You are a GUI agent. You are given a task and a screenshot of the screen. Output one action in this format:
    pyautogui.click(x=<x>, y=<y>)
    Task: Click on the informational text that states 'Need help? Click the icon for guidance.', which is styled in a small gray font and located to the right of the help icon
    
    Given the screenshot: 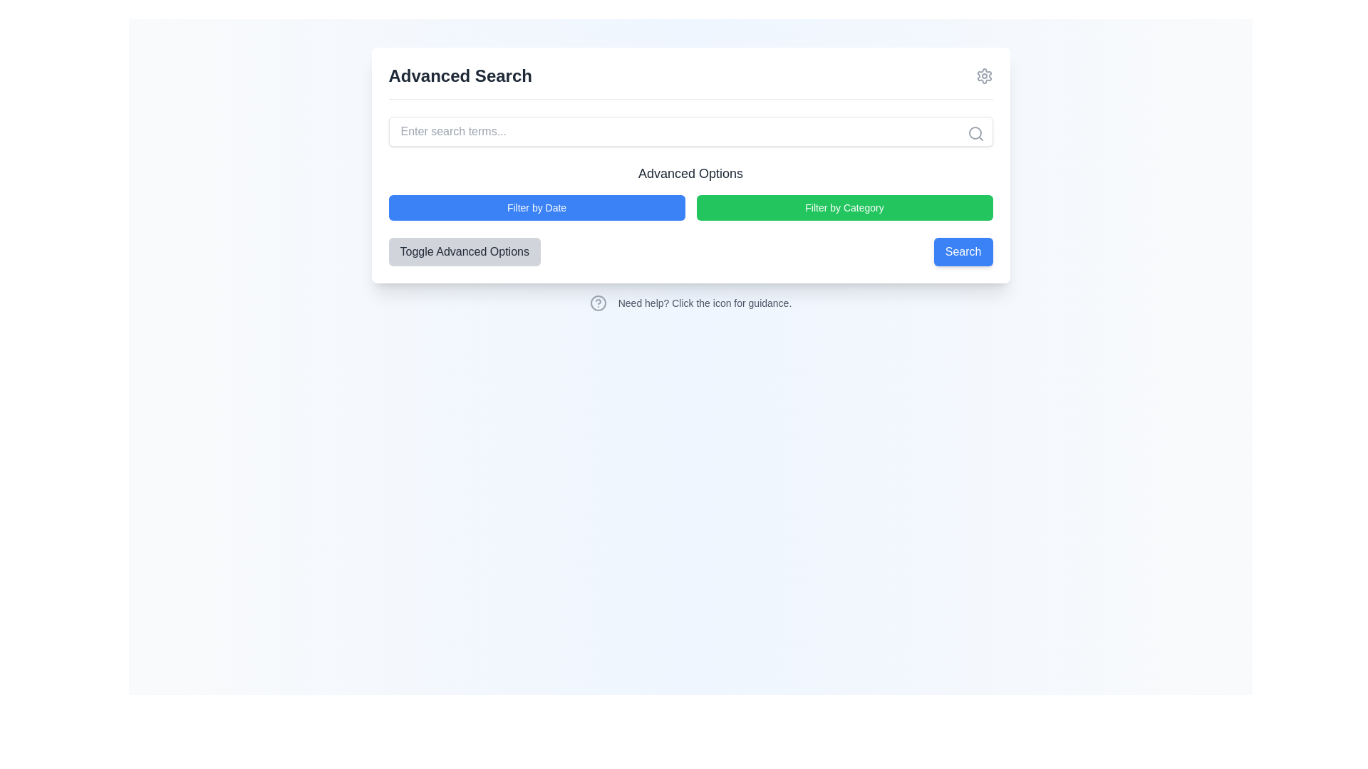 What is the action you would take?
    pyautogui.click(x=705, y=302)
    